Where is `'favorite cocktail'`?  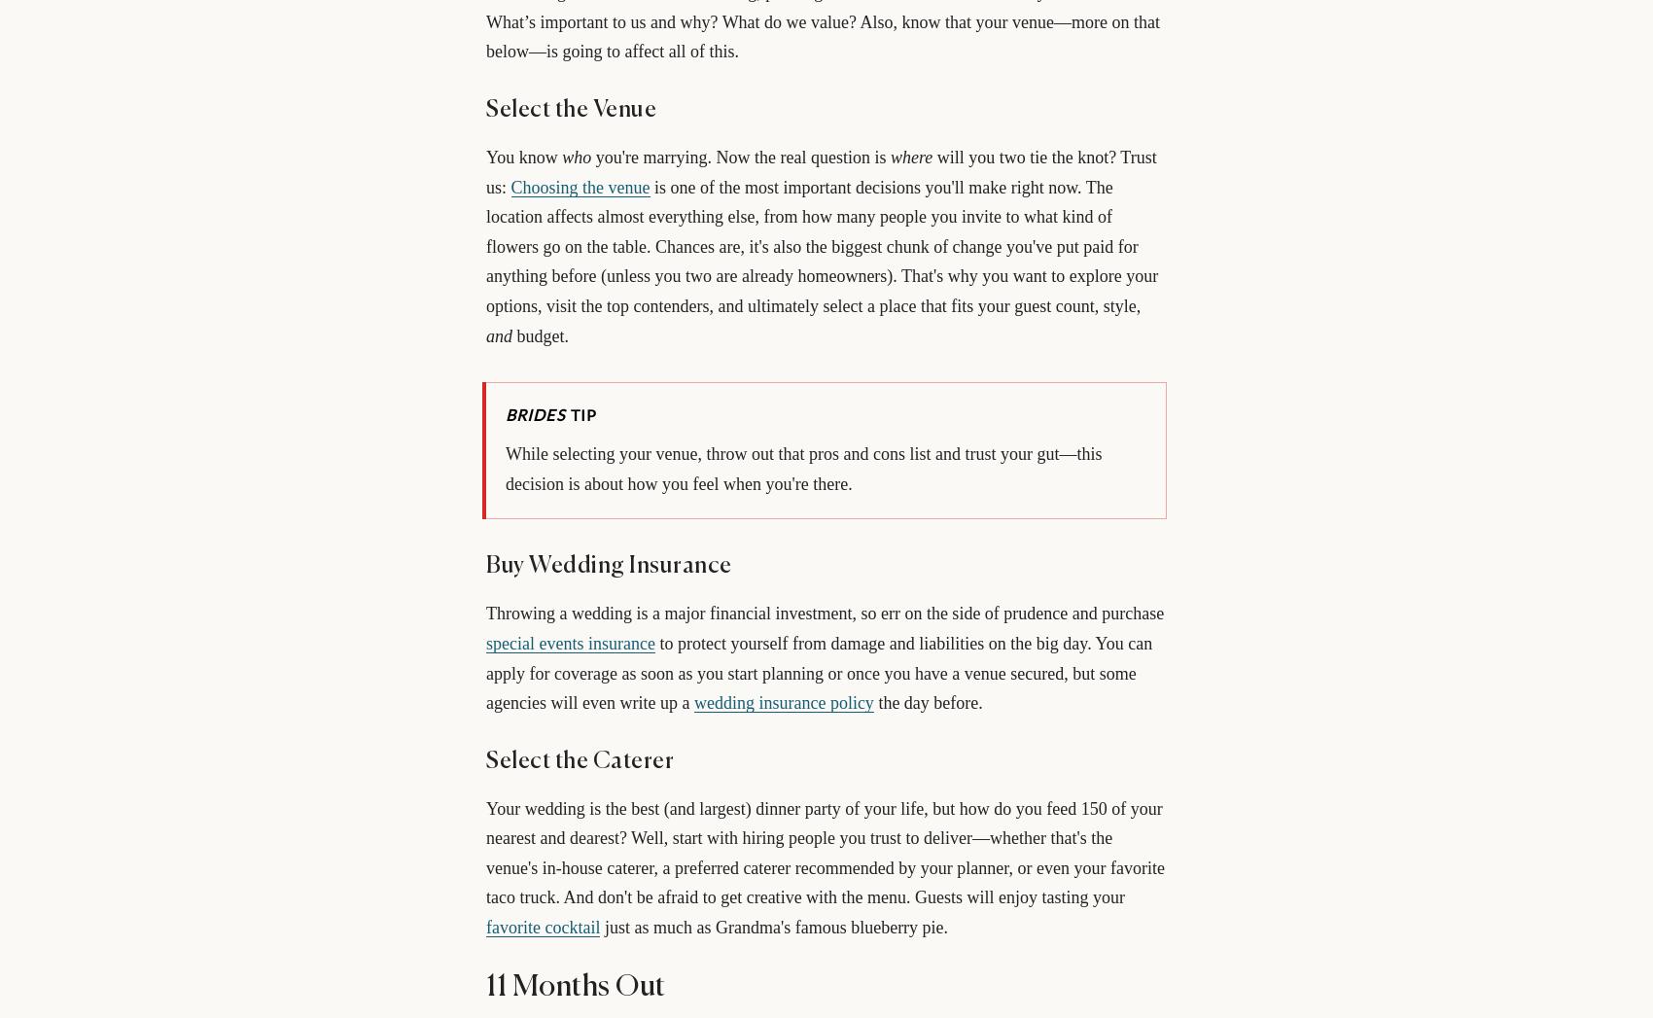
'favorite cocktail' is located at coordinates (542, 927).